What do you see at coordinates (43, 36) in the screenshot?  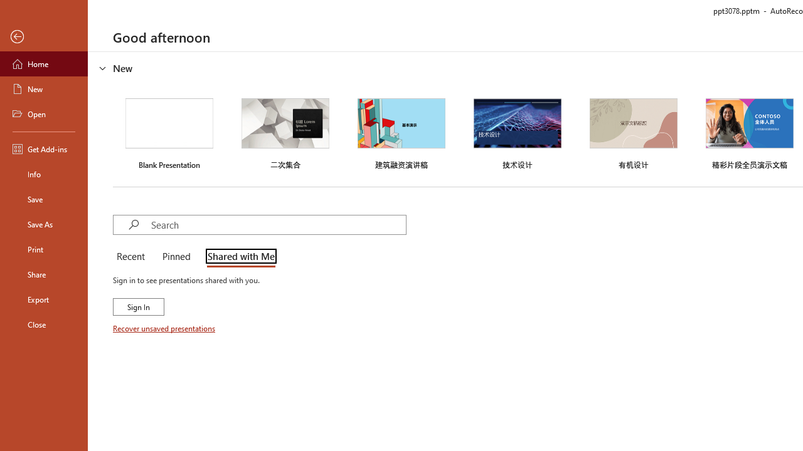 I see `'Back'` at bounding box center [43, 36].